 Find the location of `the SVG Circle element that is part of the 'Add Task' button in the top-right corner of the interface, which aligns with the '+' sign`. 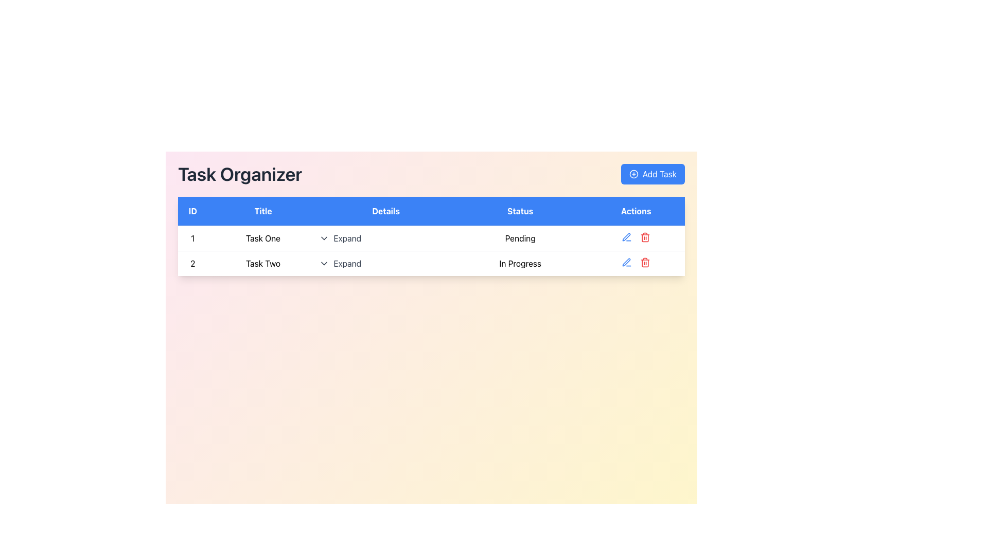

the SVG Circle element that is part of the 'Add Task' button in the top-right corner of the interface, which aligns with the '+' sign is located at coordinates (633, 174).